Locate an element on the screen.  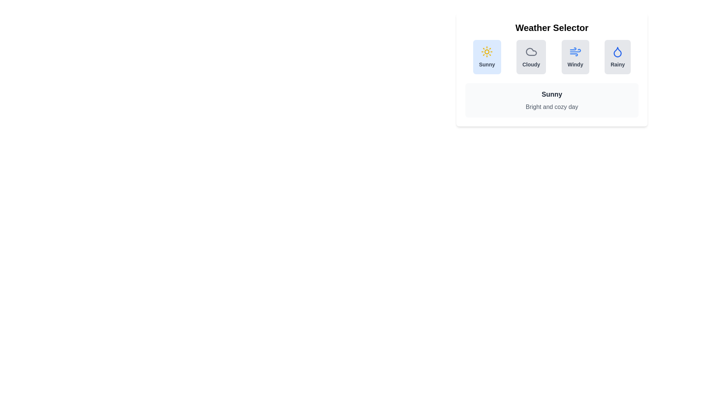
the small yellow circular graphic element representing the center of the sun icon in the Weather Selector component is located at coordinates (487, 51).